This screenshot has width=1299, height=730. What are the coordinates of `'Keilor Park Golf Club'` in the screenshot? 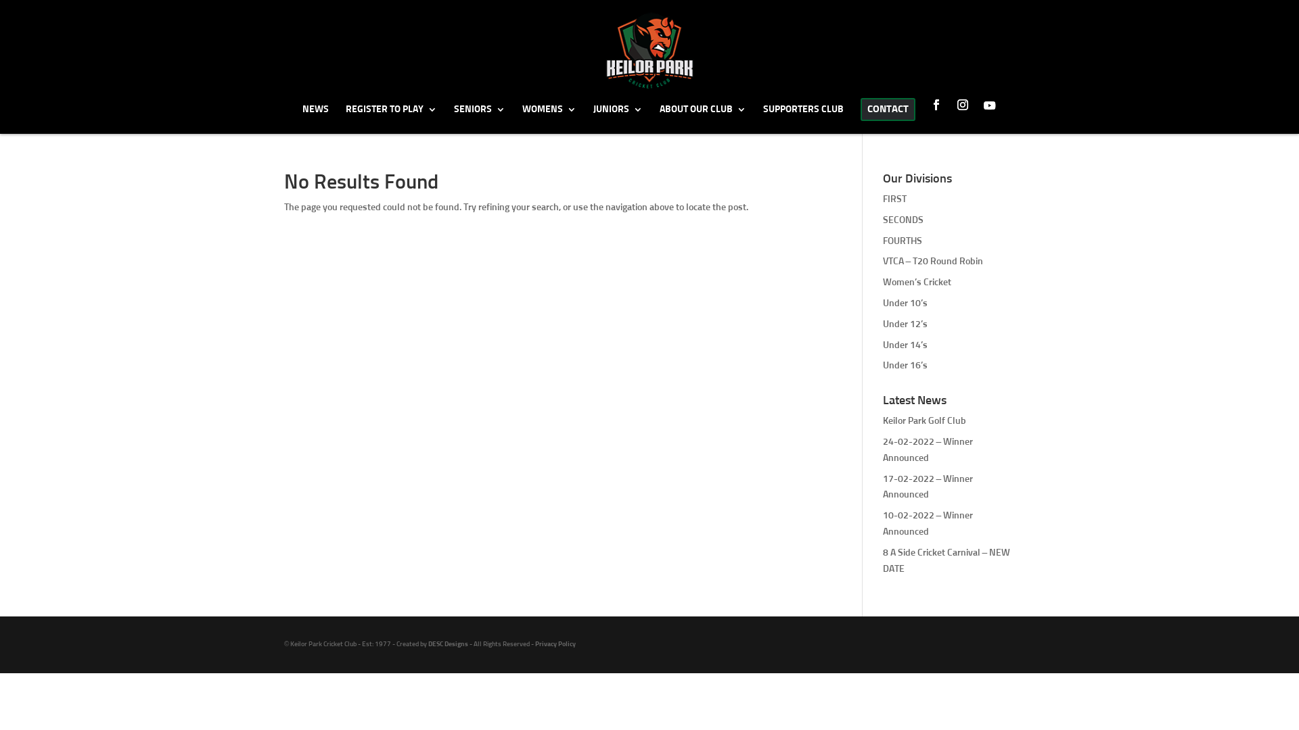 It's located at (924, 420).